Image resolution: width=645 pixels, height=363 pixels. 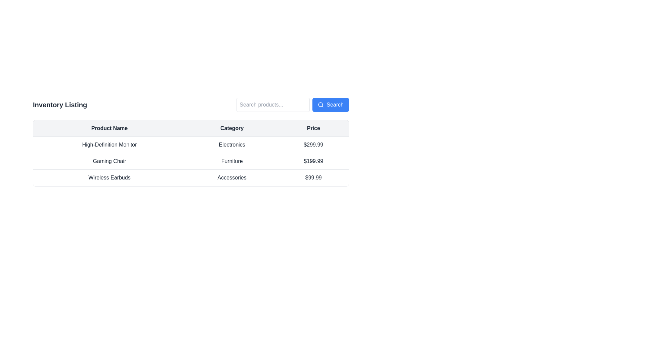 I want to click on the Text label that displays the name of a product item, located in the leftmost column of the last row under the heading 'Product Name', so click(x=110, y=177).